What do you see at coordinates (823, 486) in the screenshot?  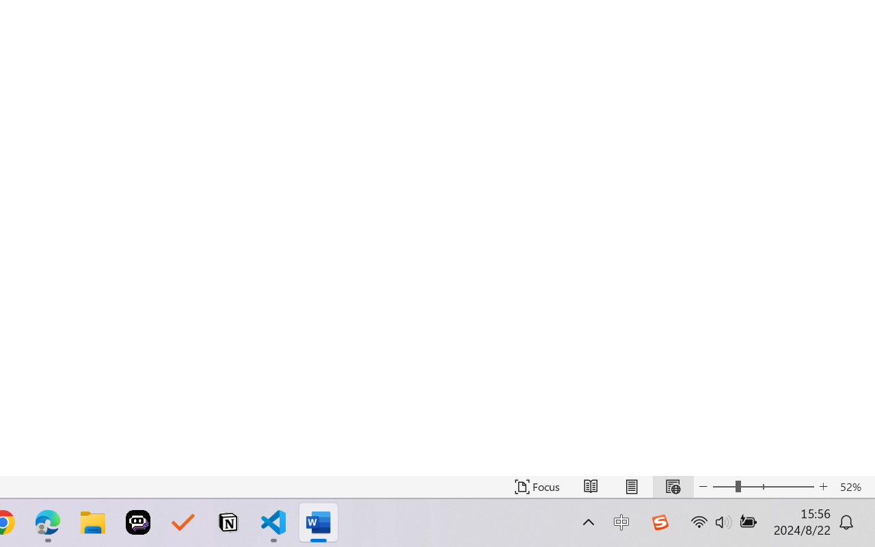 I see `'Zoom In'` at bounding box center [823, 486].